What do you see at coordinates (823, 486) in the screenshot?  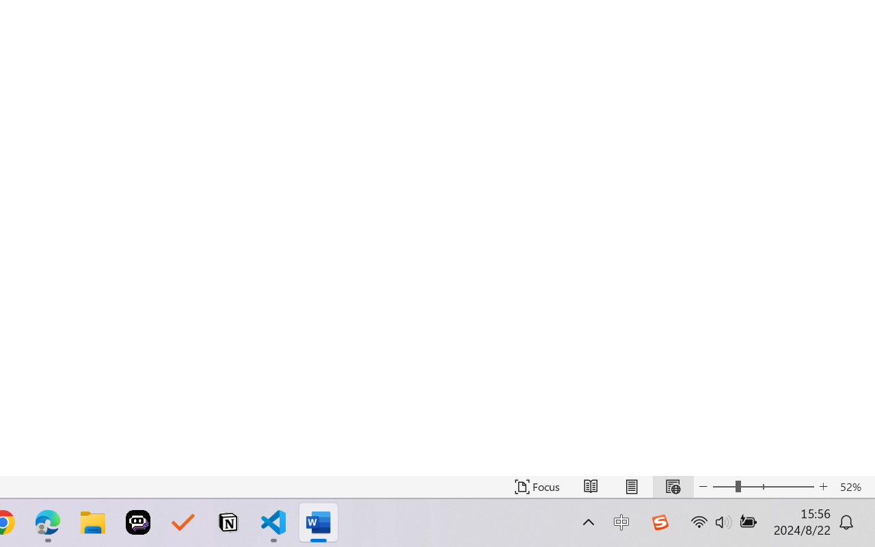 I see `'Zoom In'` at bounding box center [823, 486].